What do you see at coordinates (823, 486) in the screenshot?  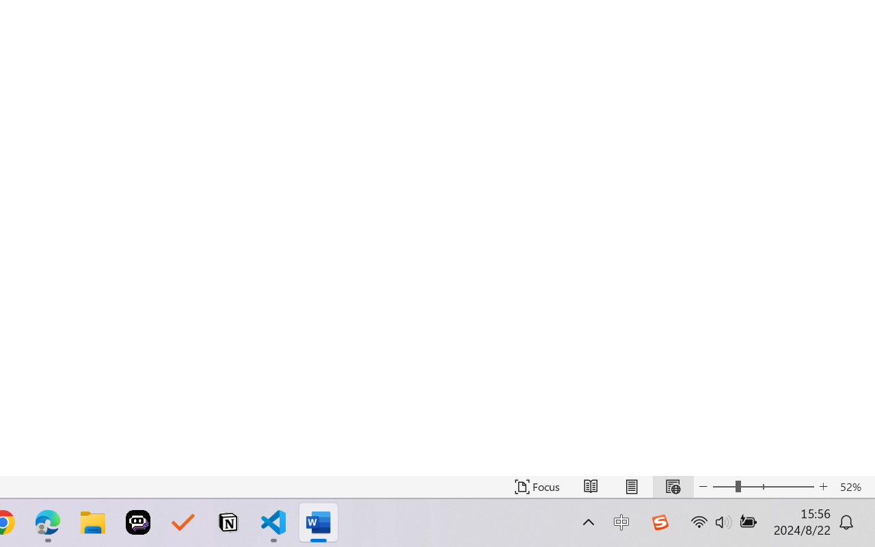 I see `'Zoom In'` at bounding box center [823, 486].